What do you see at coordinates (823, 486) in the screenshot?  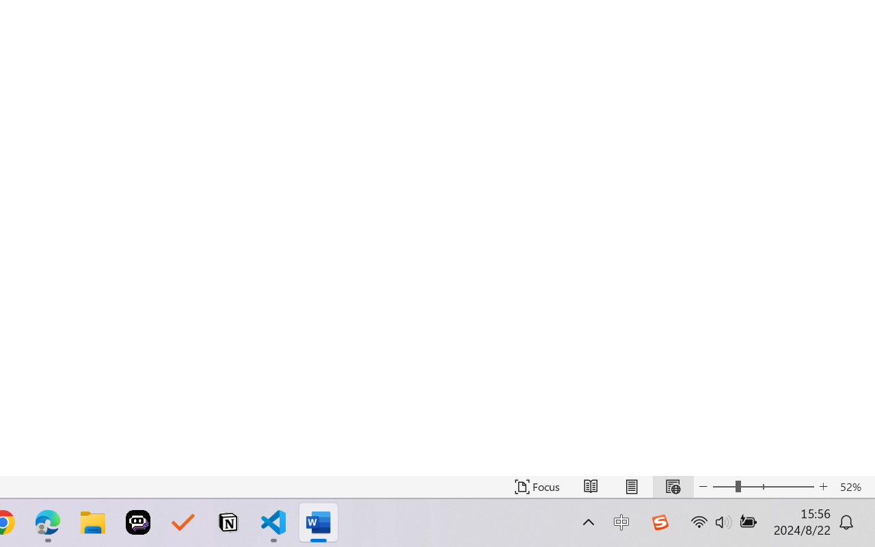 I see `'Zoom In'` at bounding box center [823, 486].